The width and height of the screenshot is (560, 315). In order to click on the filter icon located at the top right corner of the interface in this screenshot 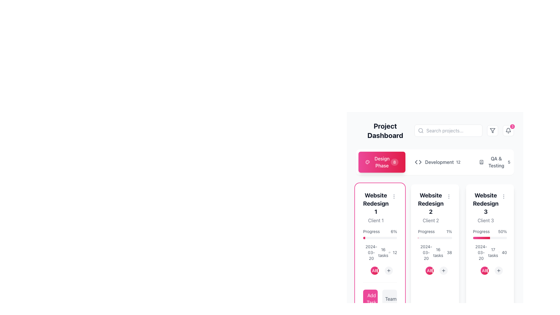, I will do `click(492, 130)`.